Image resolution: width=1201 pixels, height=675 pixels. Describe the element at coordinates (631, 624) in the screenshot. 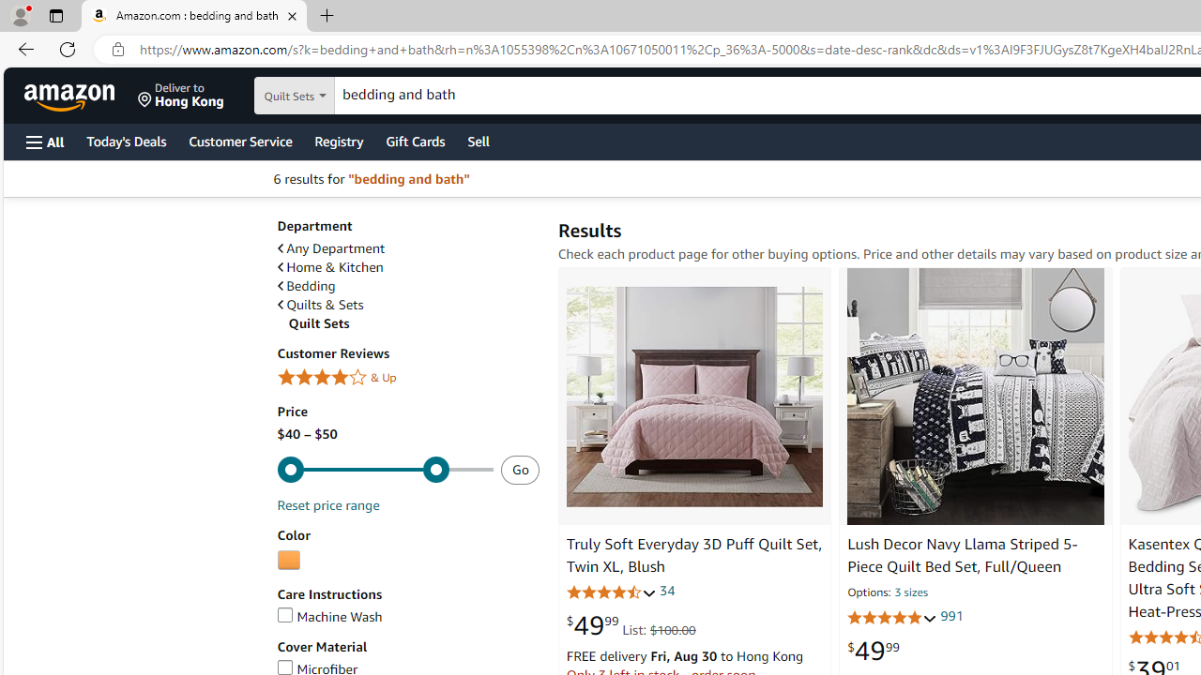

I see `'$49.99 List: $100.00'` at that location.